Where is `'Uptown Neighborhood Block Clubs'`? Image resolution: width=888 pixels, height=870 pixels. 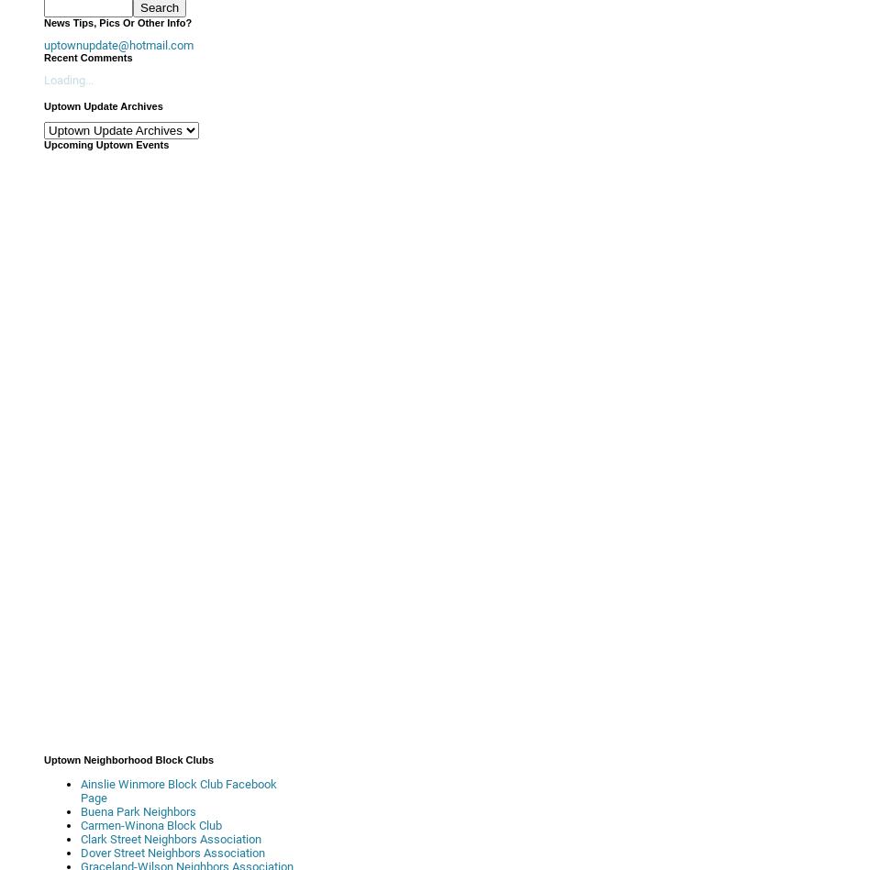
'Uptown Neighborhood Block Clubs' is located at coordinates (128, 759).